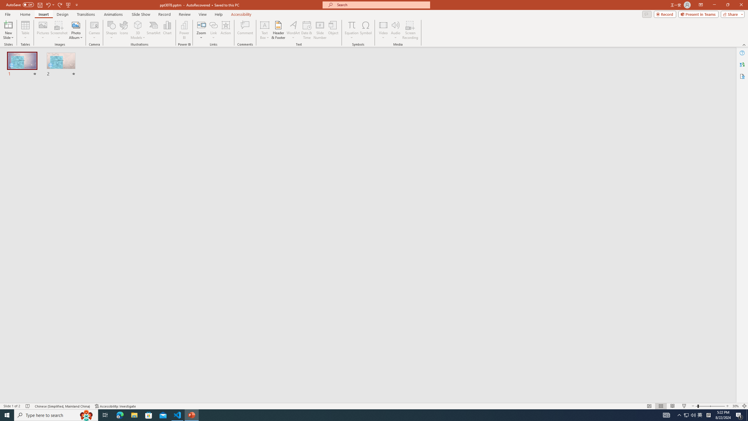  I want to click on 'Power BI', so click(184, 30).